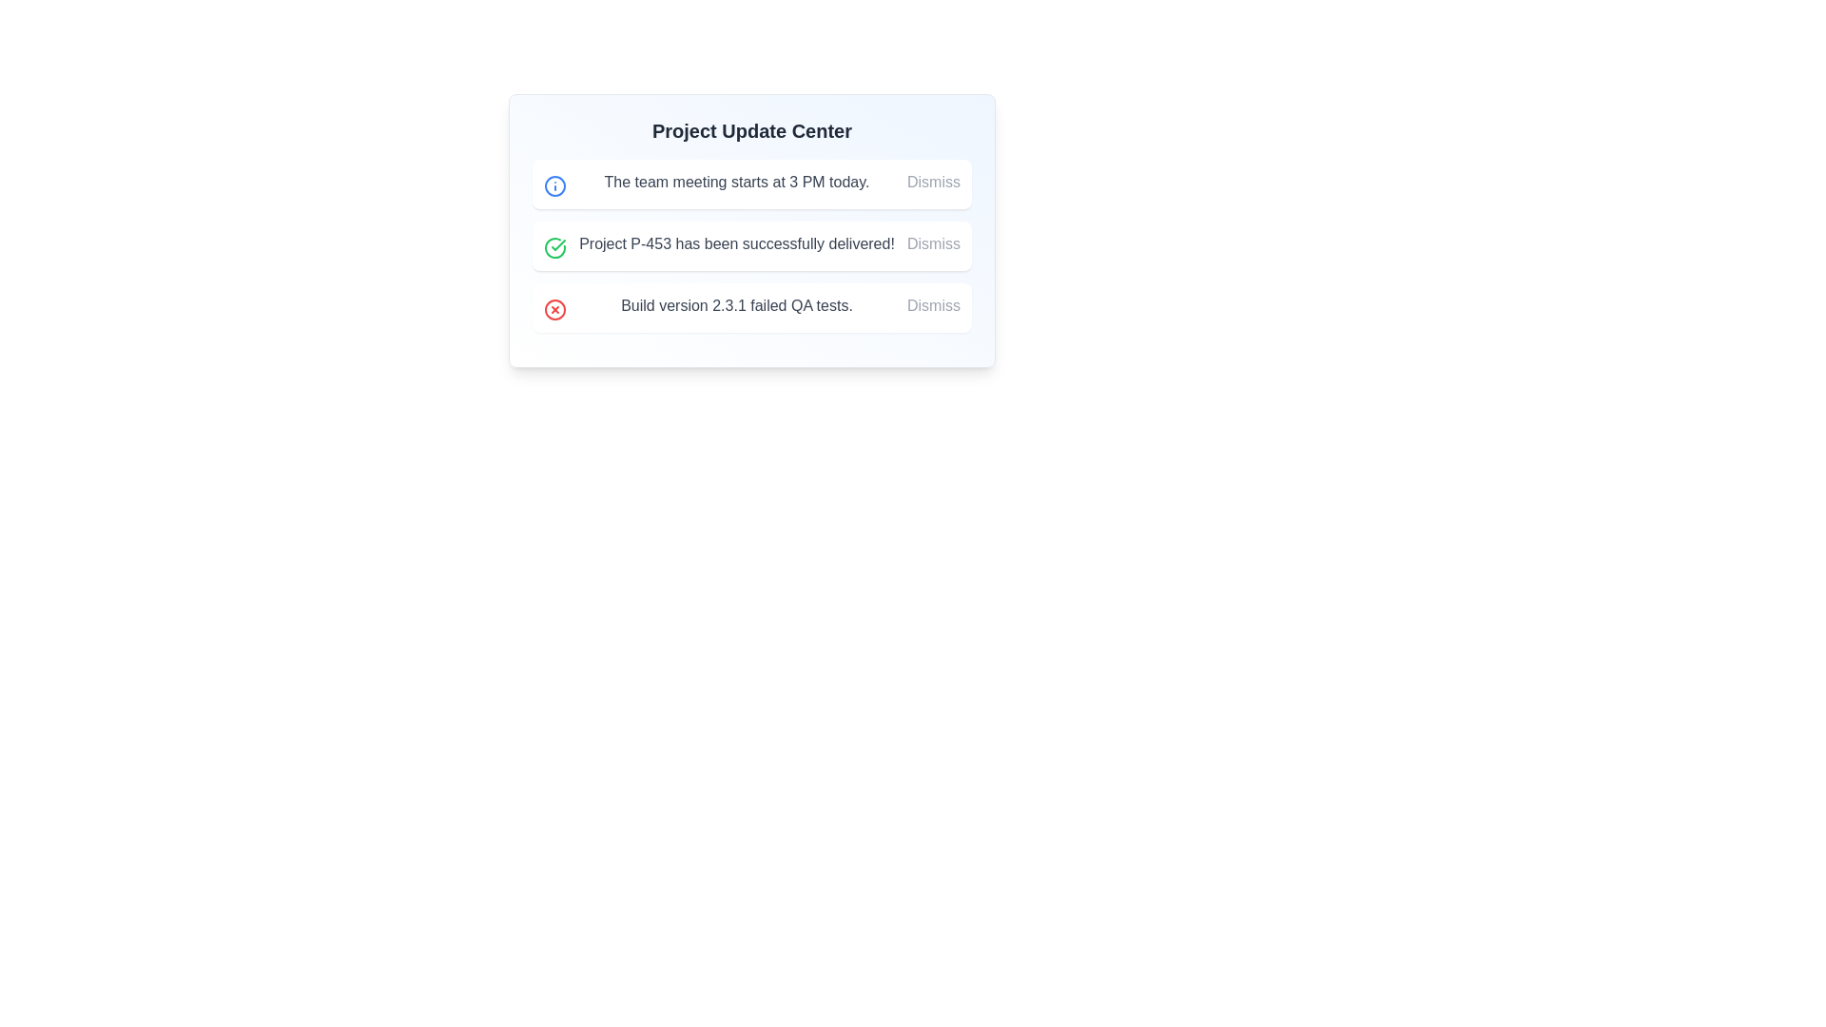 This screenshot has height=1027, width=1826. What do you see at coordinates (934, 243) in the screenshot?
I see `the 'Dismiss' button with gray font that turns red on hover, located to the right of the notification message 'Project P-453 has been successfully delivered!'` at bounding box center [934, 243].